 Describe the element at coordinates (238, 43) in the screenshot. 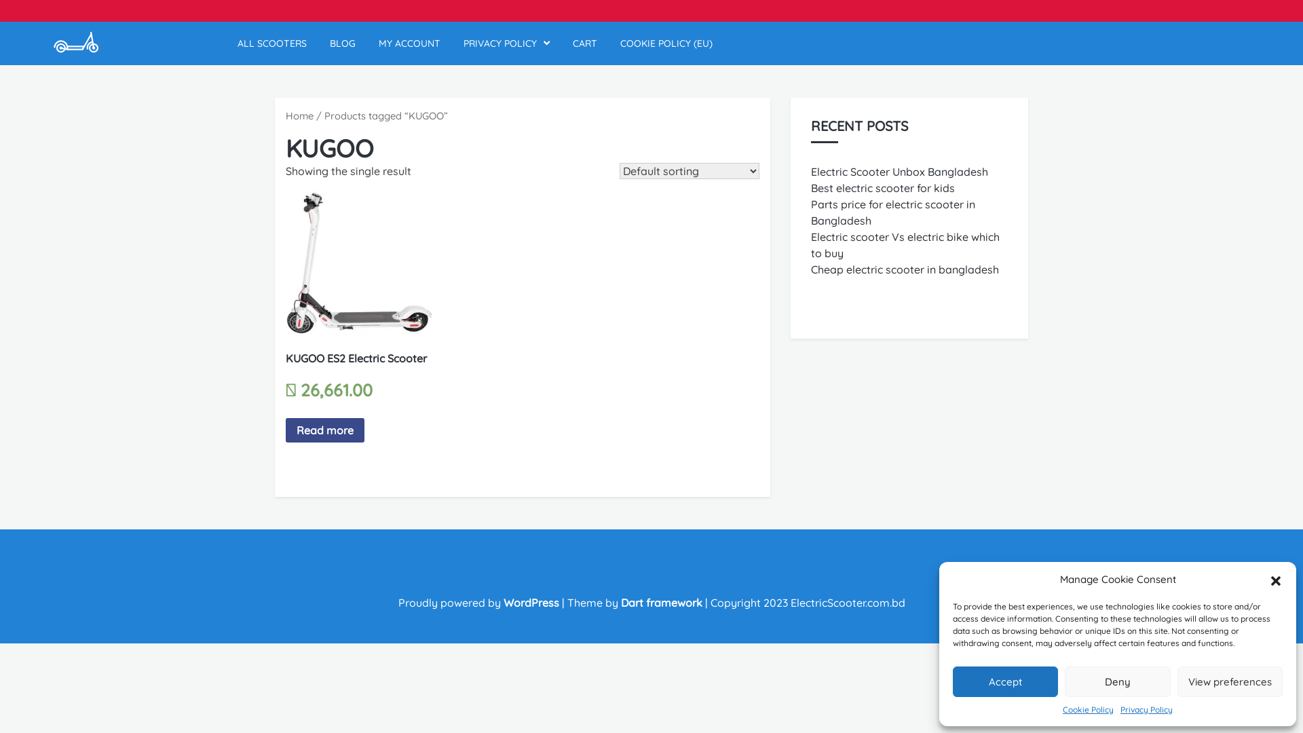

I see `'ALL SCOOTERS'` at that location.